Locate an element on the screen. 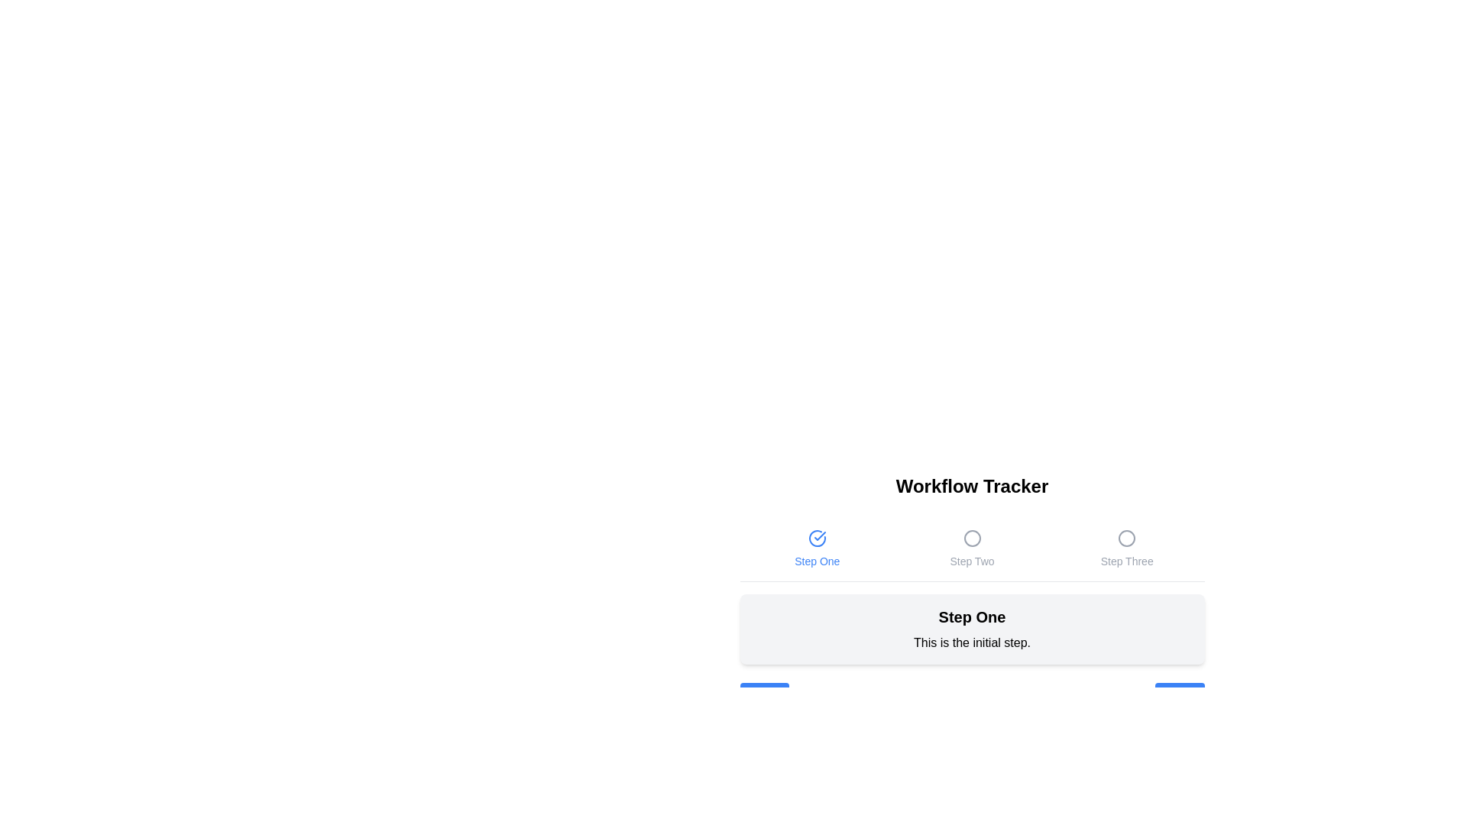 This screenshot has width=1467, height=825. the second step indicator of the multi-step workflow tracker, which visually represents the second step in the process is located at coordinates (971, 548).